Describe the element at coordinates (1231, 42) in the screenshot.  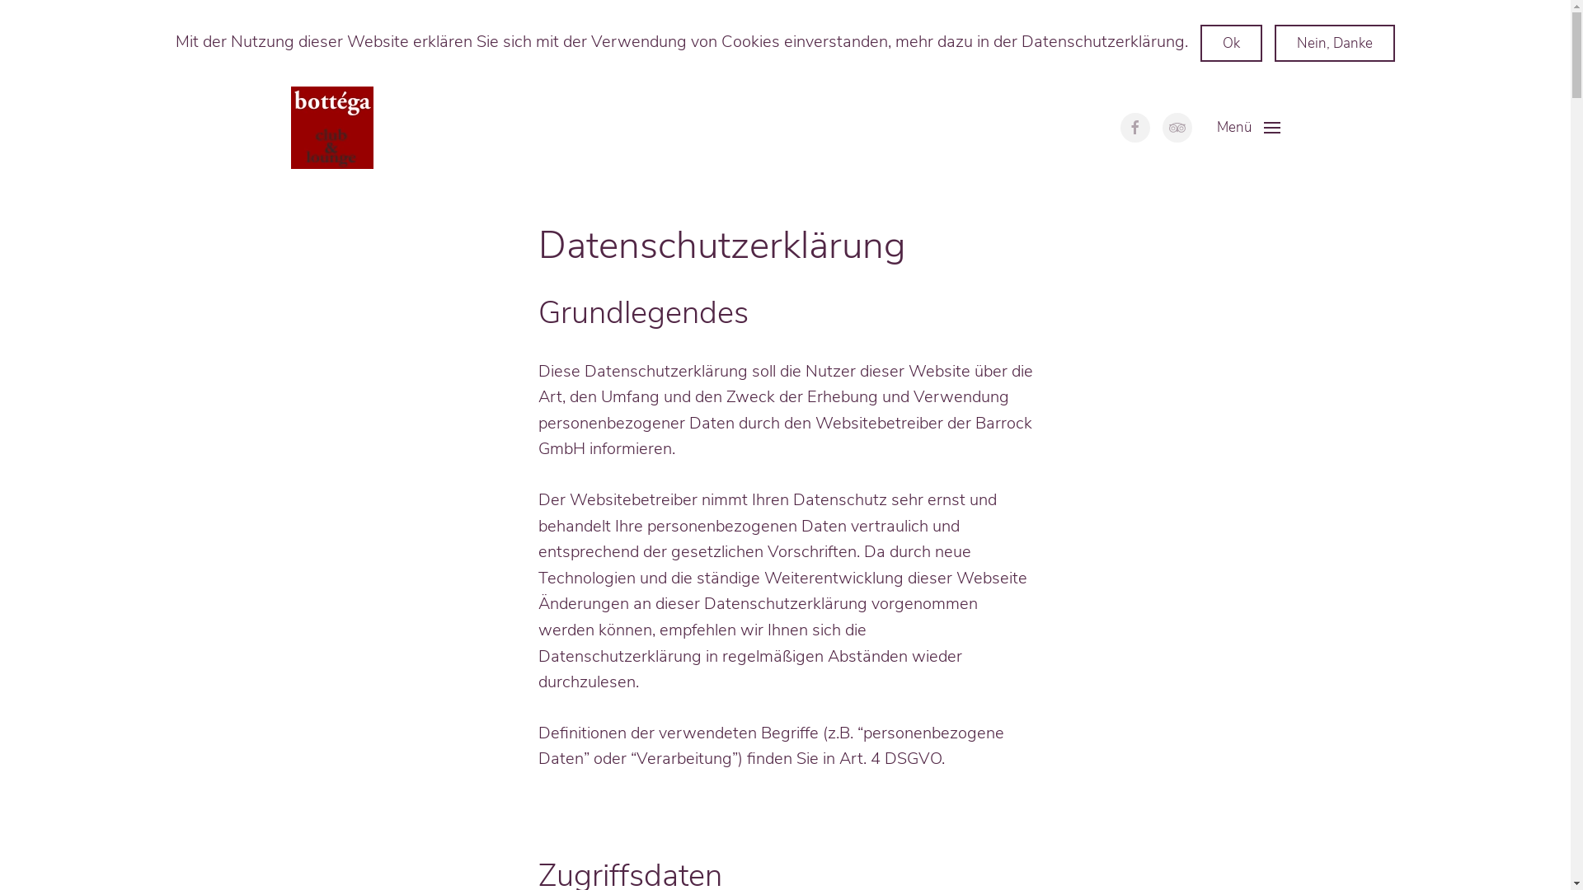
I see `'Ok'` at that location.